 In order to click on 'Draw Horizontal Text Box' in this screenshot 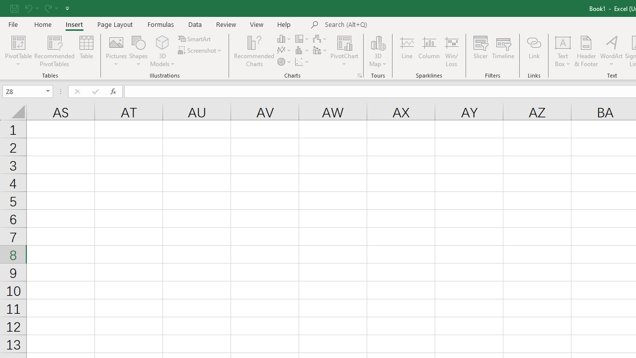, I will do `click(563, 42)`.